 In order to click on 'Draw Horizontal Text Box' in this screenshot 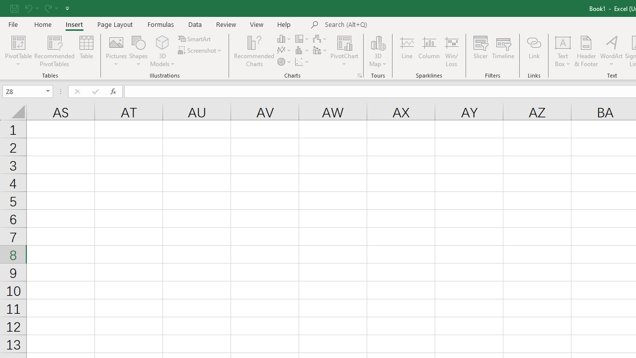, I will do `click(563, 42)`.